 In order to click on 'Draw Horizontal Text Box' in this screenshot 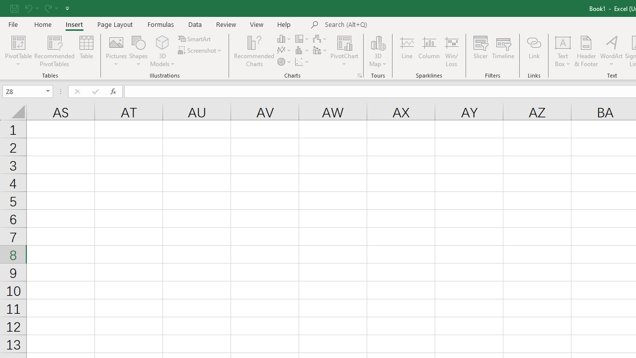, I will do `click(563, 42)`.